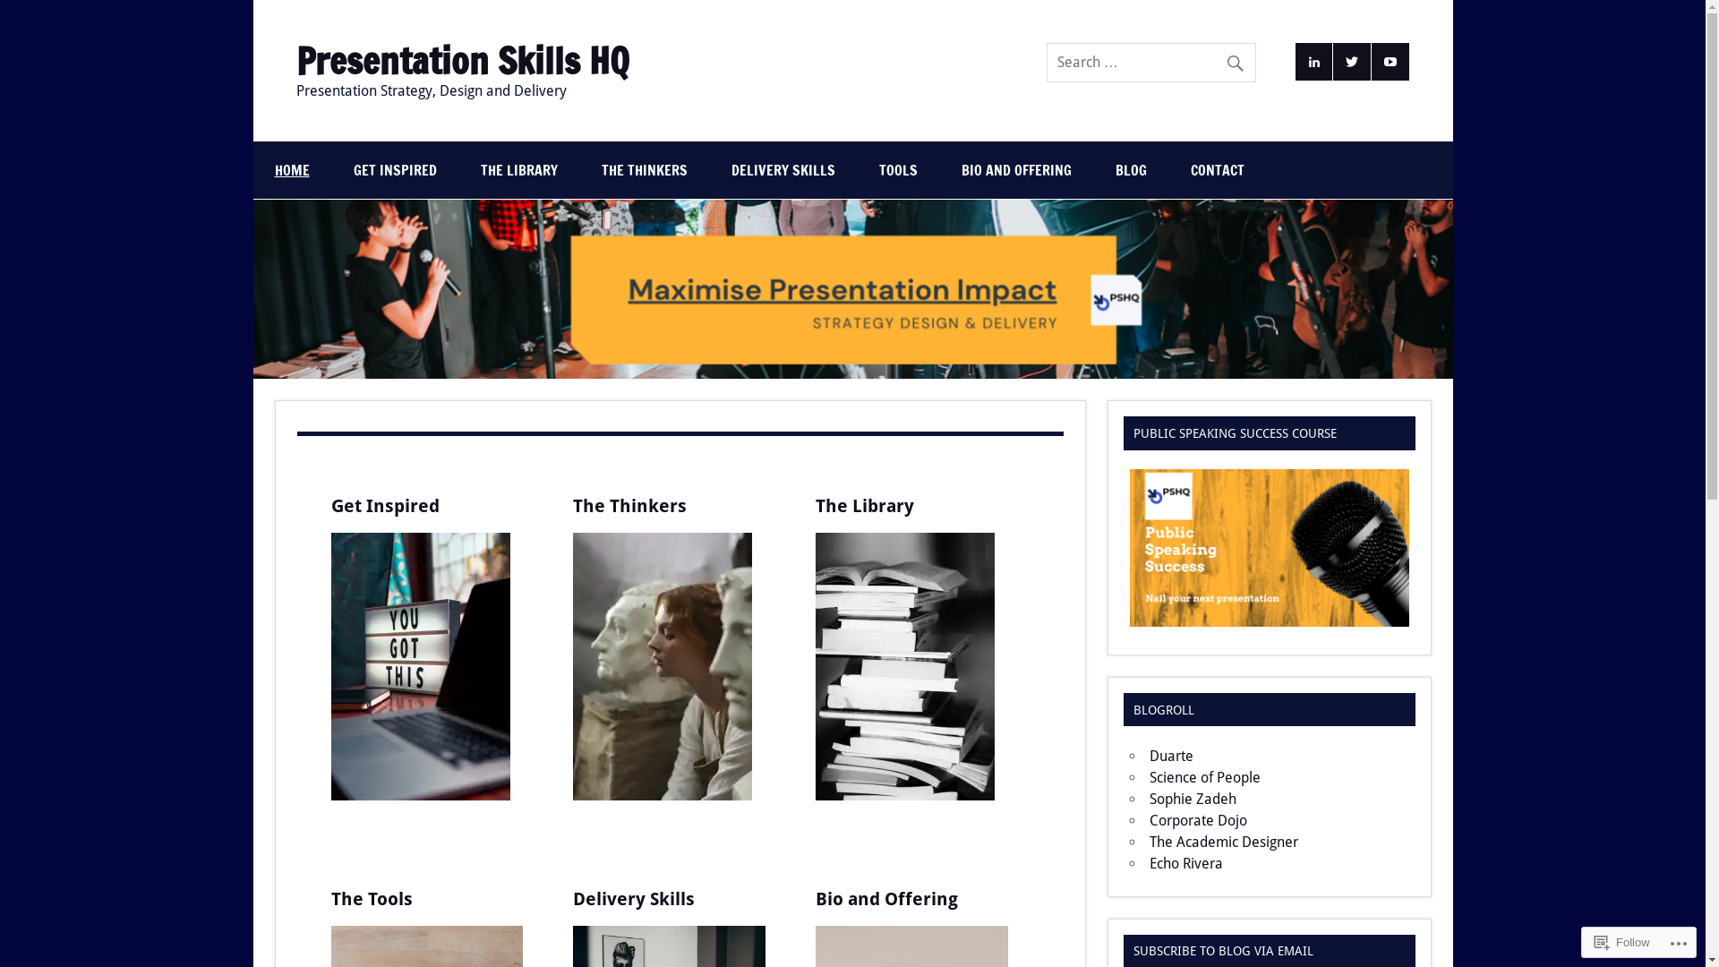 This screenshot has width=1719, height=967. What do you see at coordinates (1185, 862) in the screenshot?
I see `'Echo Rivera'` at bounding box center [1185, 862].